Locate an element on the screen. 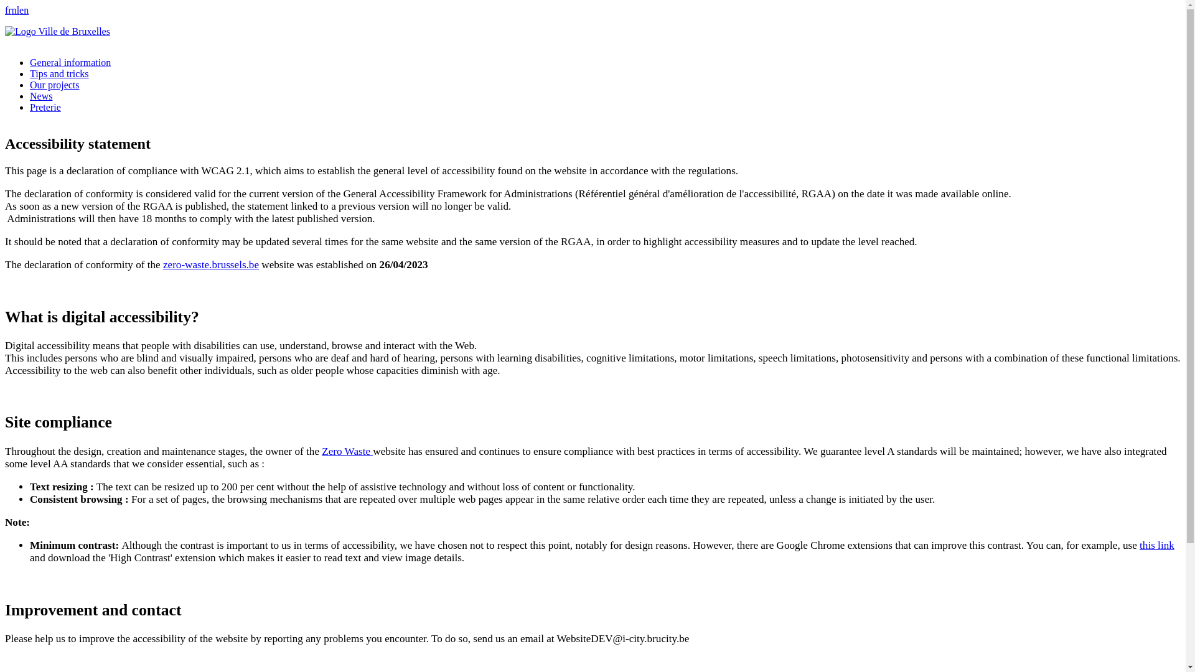 The image size is (1195, 672). 'Tips and tricks' is located at coordinates (30, 73).